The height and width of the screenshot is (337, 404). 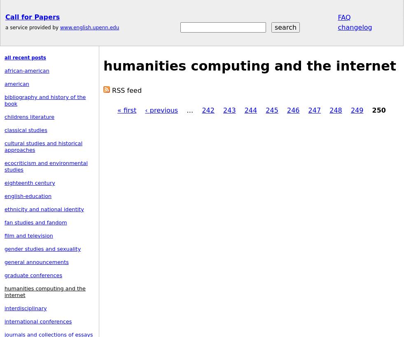 I want to click on '247', so click(x=314, y=110).